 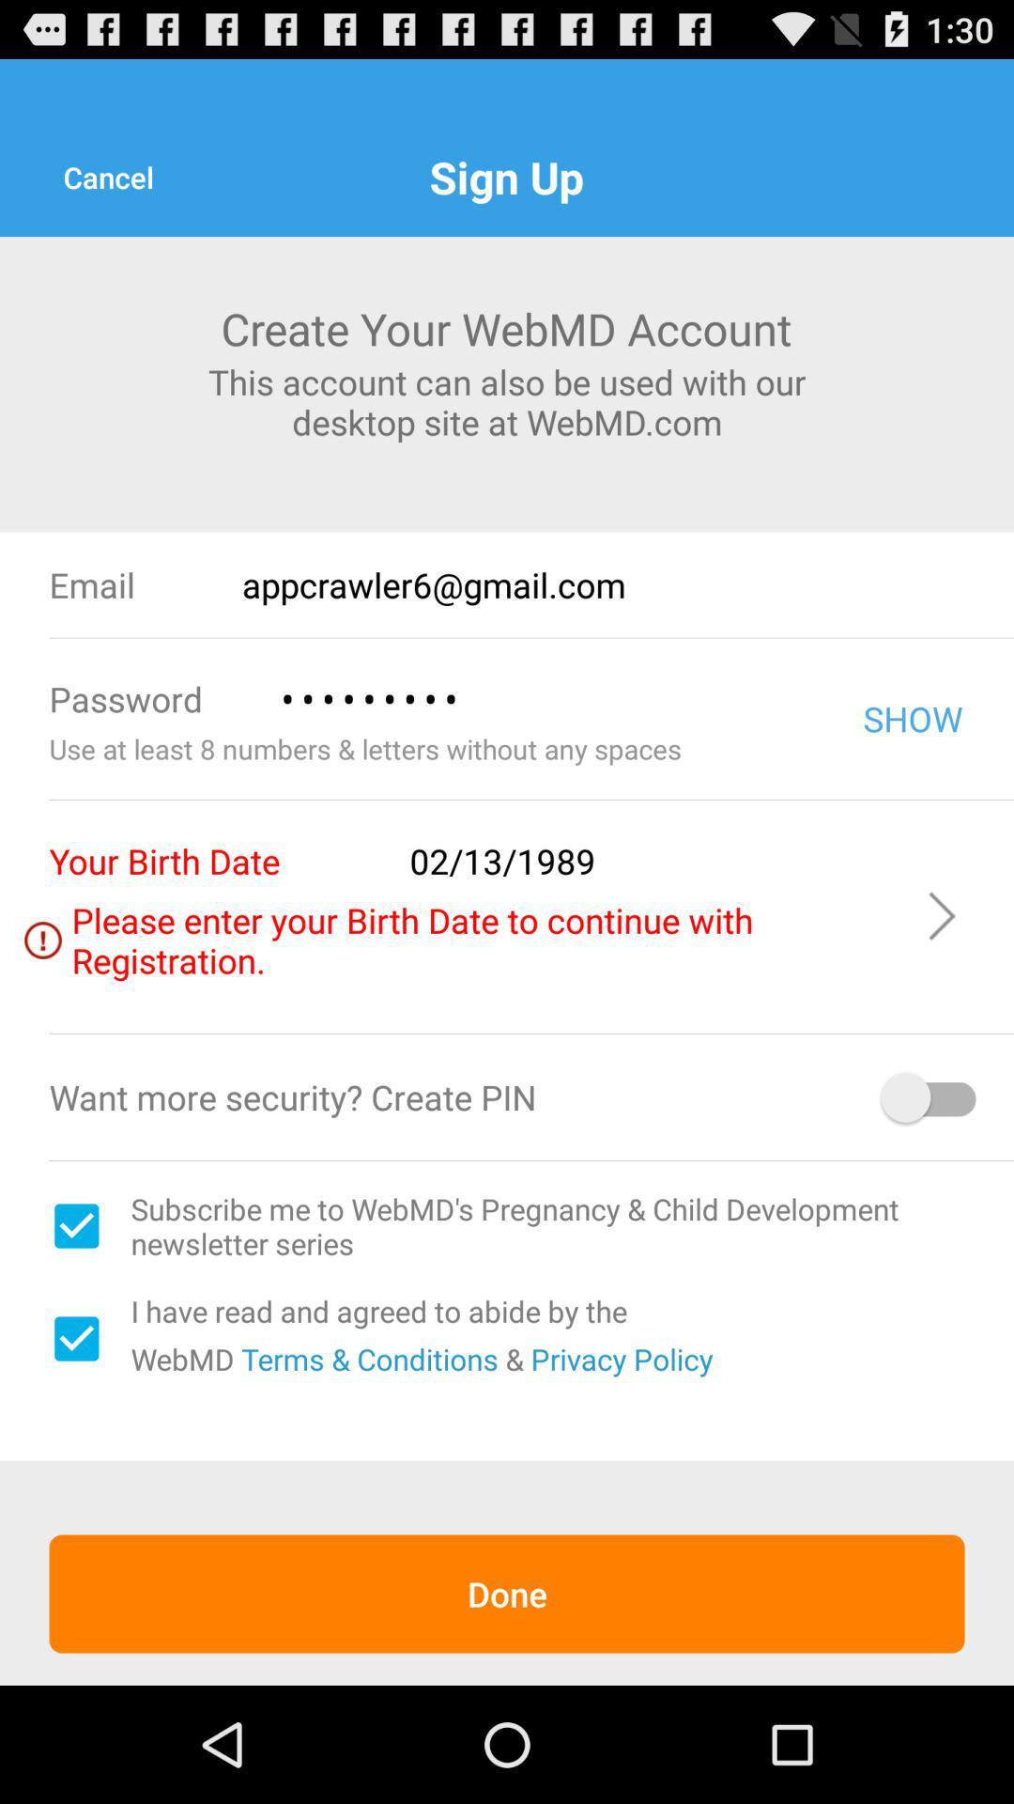 I want to click on icon next to the webmd icon, so click(x=366, y=1359).